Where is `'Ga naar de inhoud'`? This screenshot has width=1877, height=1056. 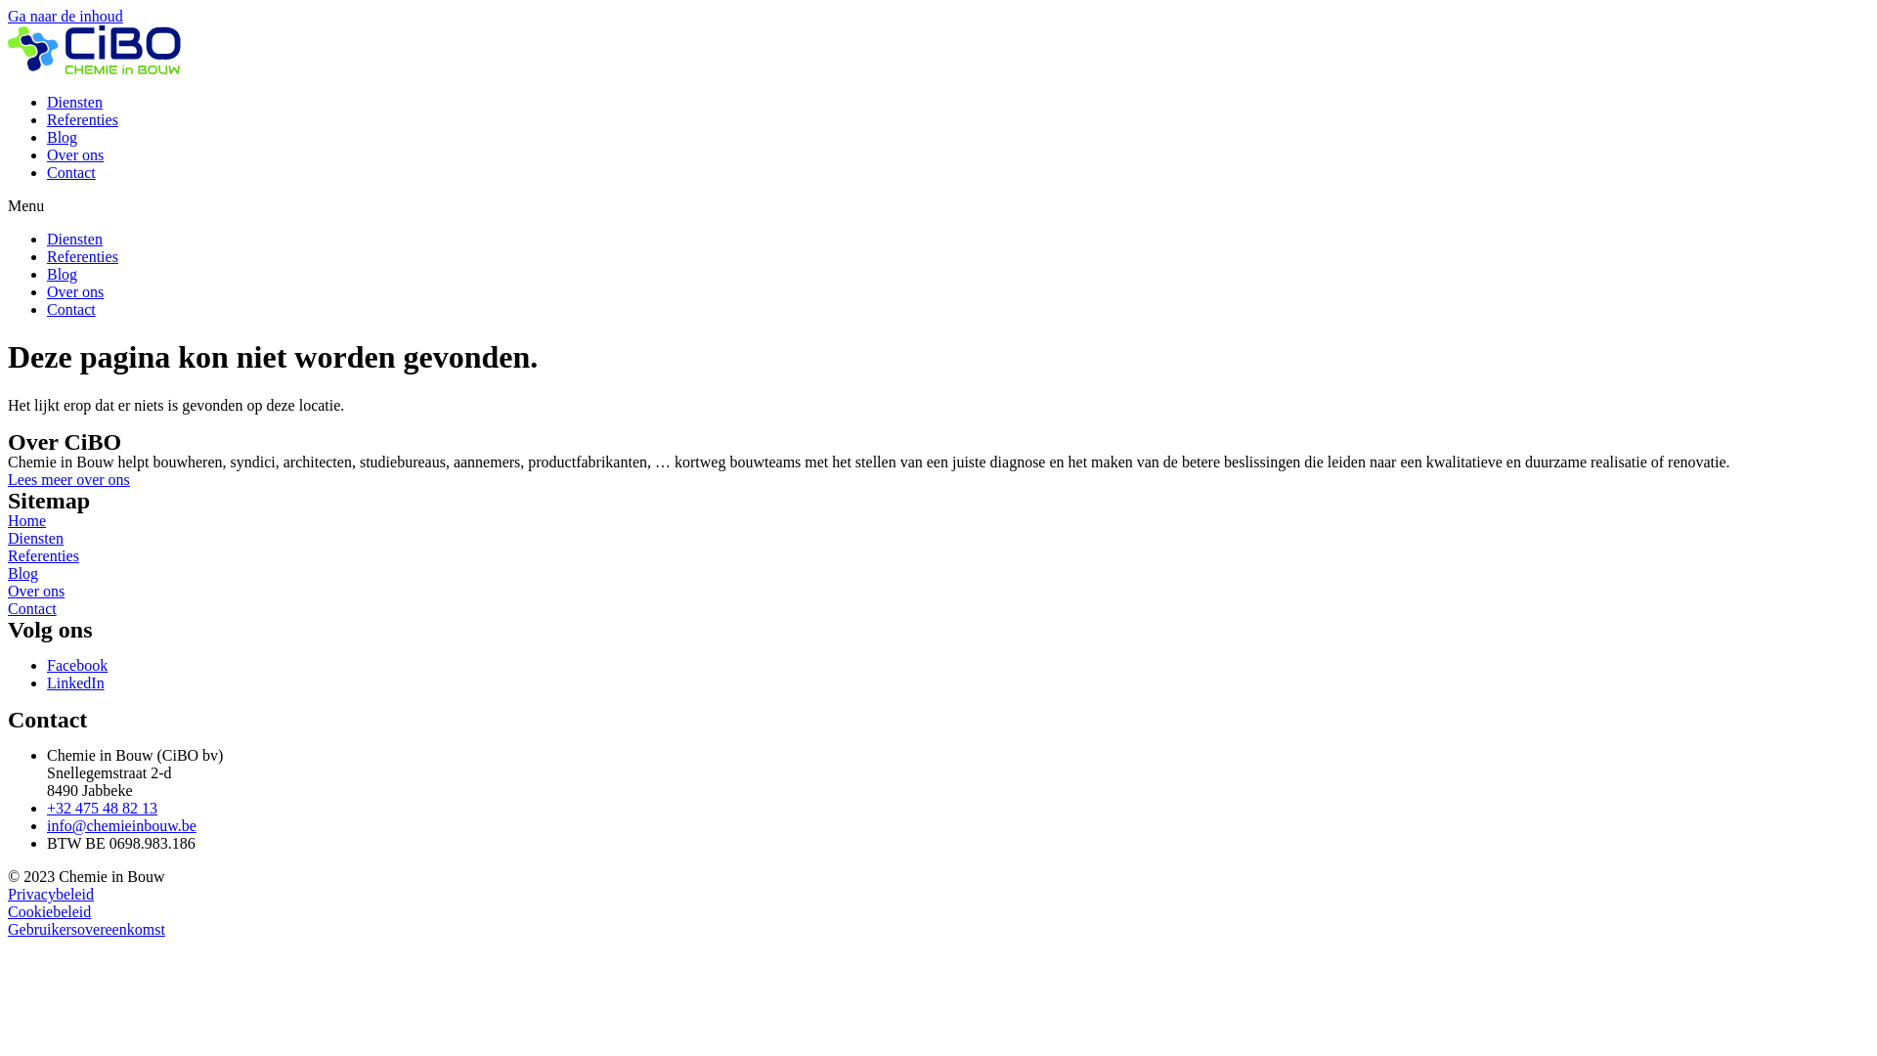 'Ga naar de inhoud' is located at coordinates (65, 16).